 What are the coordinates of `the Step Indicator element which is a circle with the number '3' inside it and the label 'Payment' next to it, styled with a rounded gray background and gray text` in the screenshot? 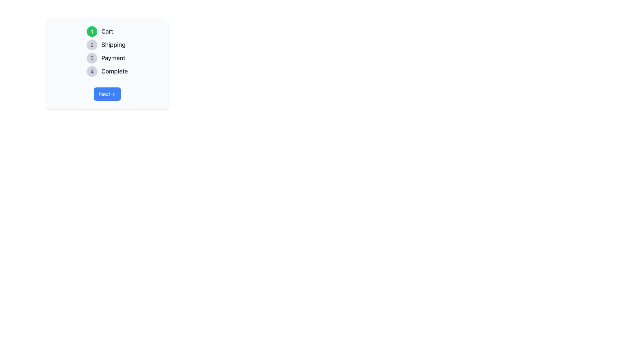 It's located at (107, 58).